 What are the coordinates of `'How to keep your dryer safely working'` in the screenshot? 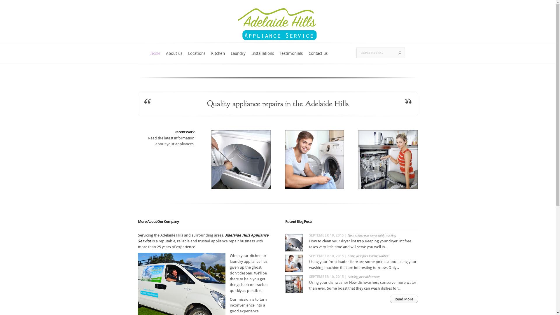 It's located at (347, 235).